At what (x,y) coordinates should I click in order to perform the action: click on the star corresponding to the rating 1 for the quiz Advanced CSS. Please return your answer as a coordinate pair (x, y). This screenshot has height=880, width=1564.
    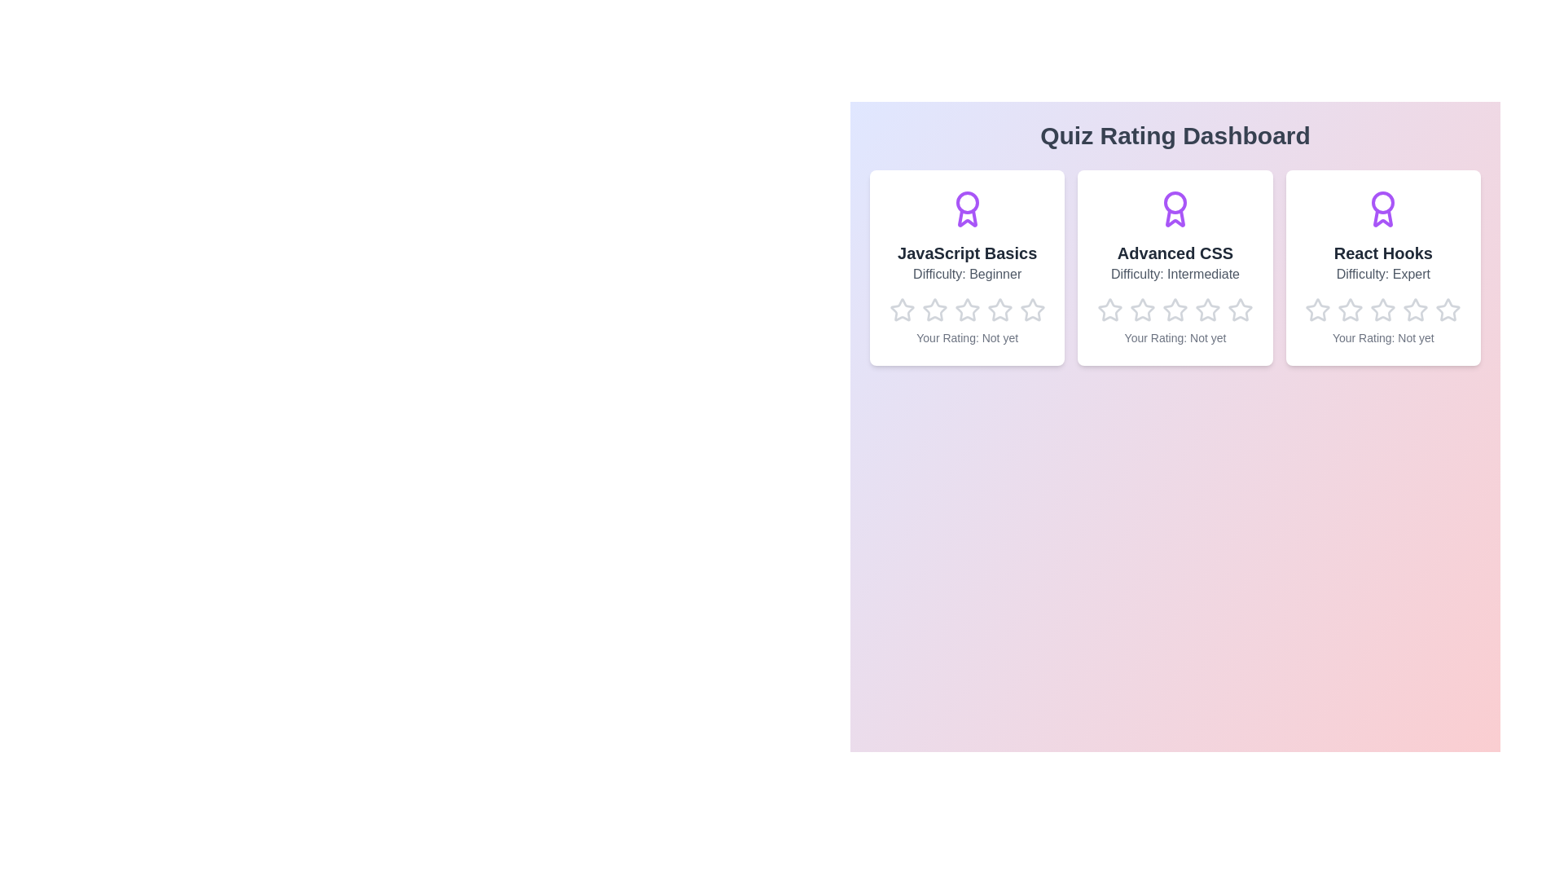
    Looking at the image, I should click on (1097, 297).